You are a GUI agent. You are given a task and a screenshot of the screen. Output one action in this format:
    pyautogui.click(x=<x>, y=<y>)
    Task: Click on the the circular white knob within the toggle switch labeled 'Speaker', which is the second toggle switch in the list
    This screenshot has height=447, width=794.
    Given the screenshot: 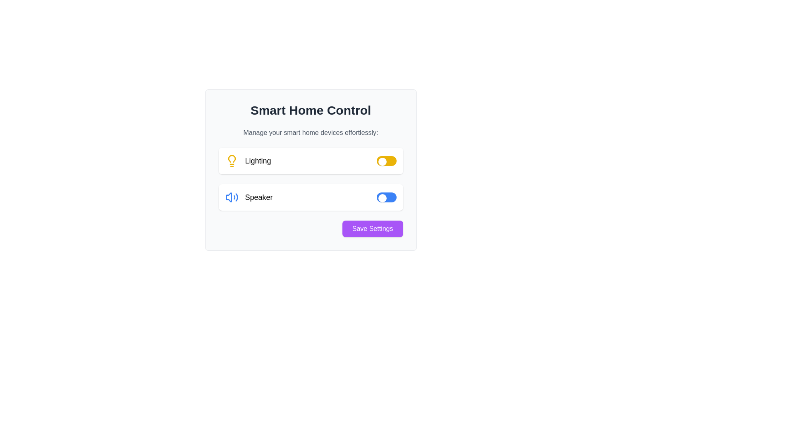 What is the action you would take?
    pyautogui.click(x=382, y=198)
    